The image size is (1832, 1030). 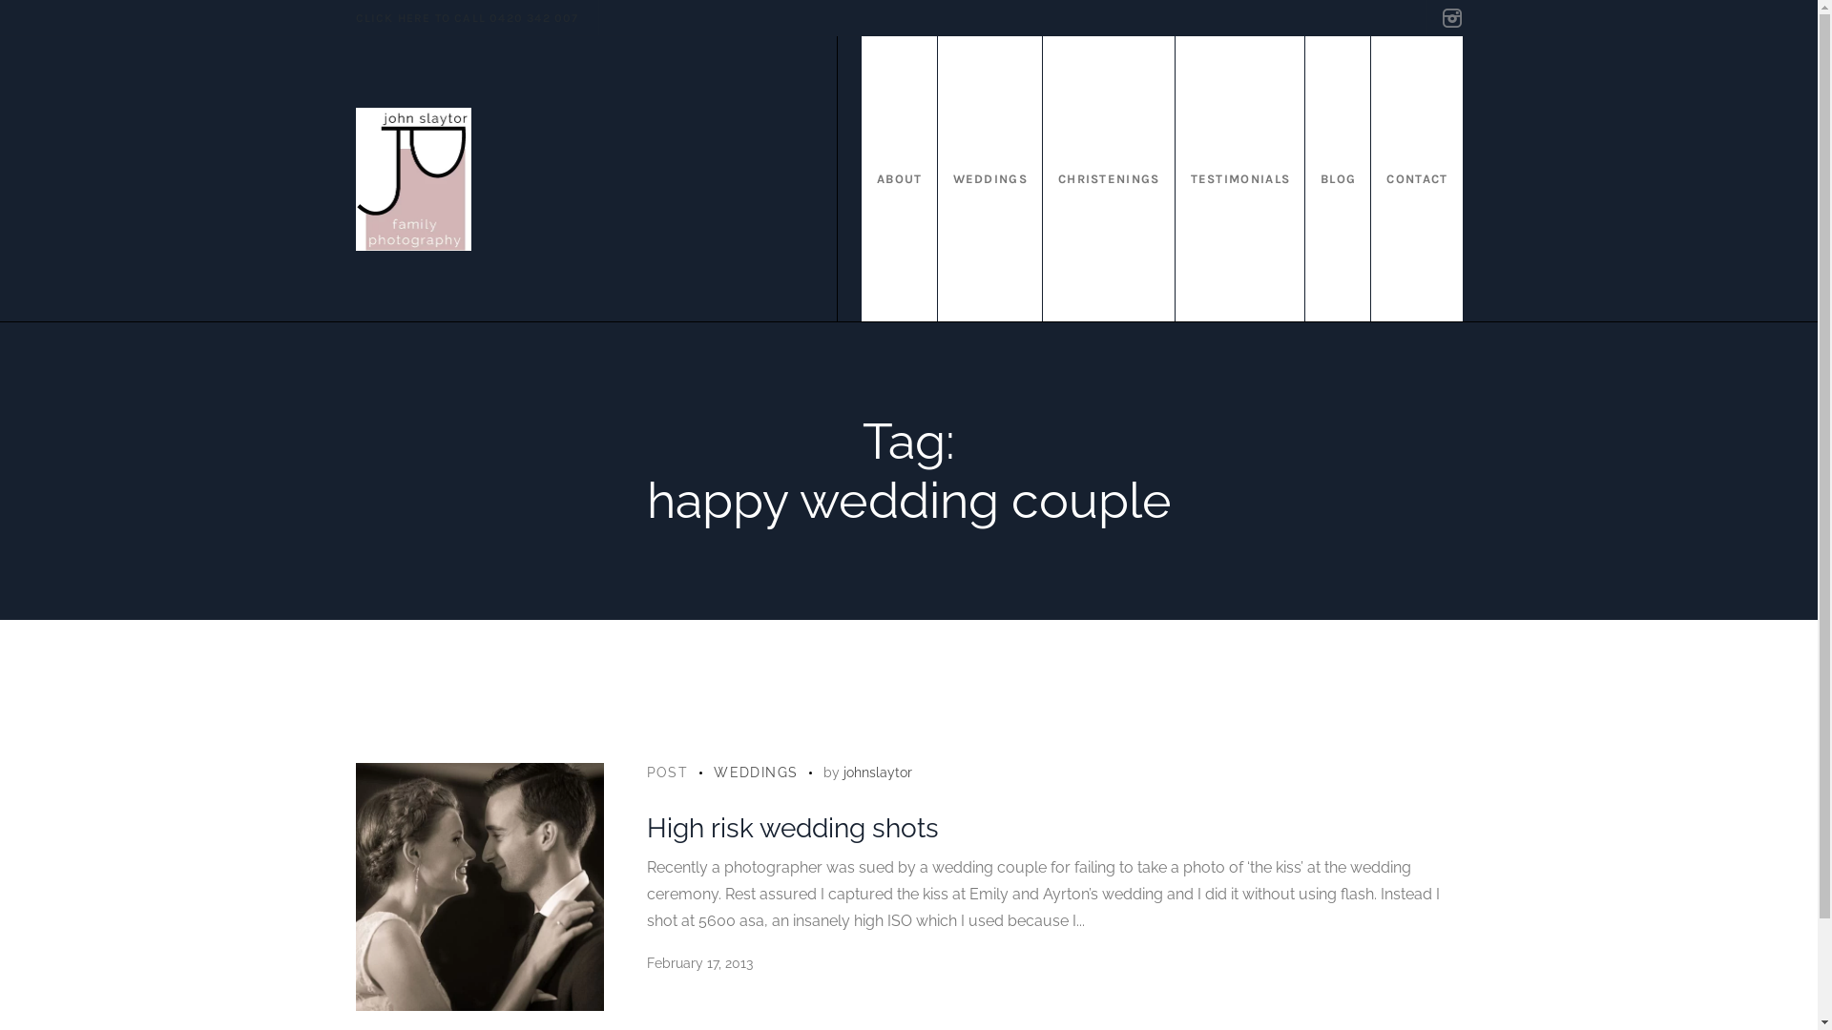 I want to click on 'WEDDINGS', so click(x=989, y=178).